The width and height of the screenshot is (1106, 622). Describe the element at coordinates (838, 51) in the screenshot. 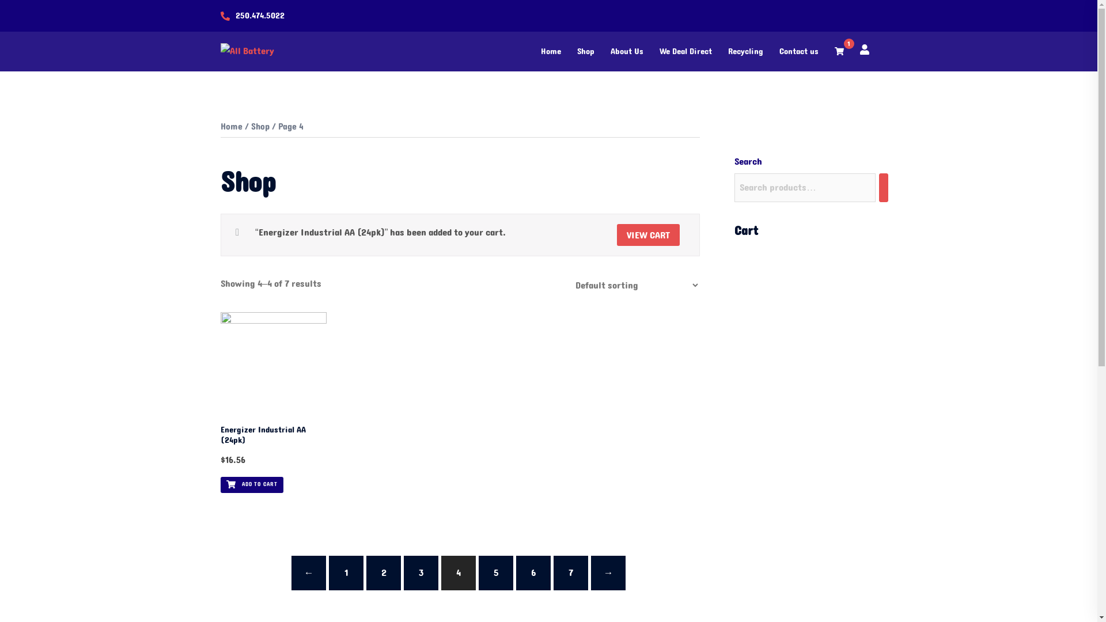

I see `'1'` at that location.